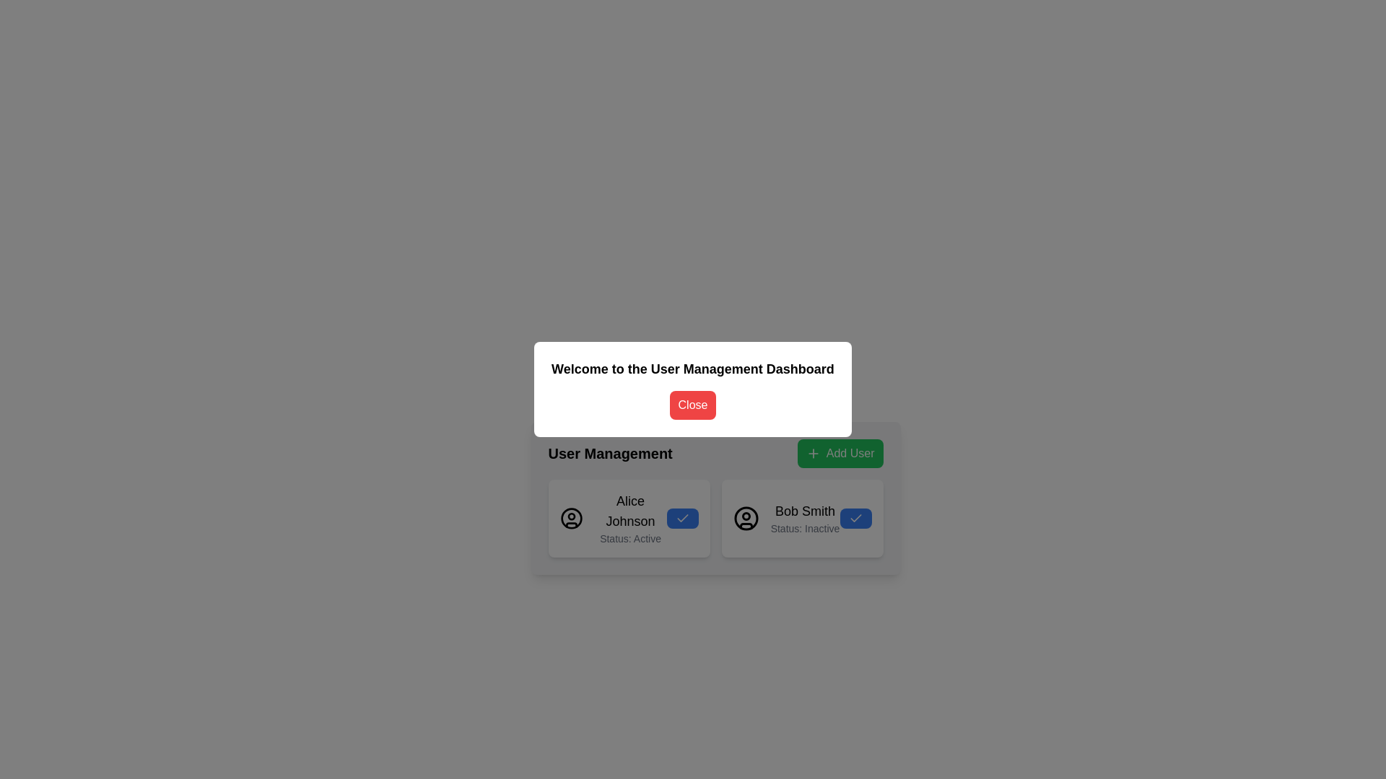  What do you see at coordinates (630, 539) in the screenshot?
I see `the informational label indicating the current status ('Active') of the user 'Alice Johnson', located beneath the name text component` at bounding box center [630, 539].